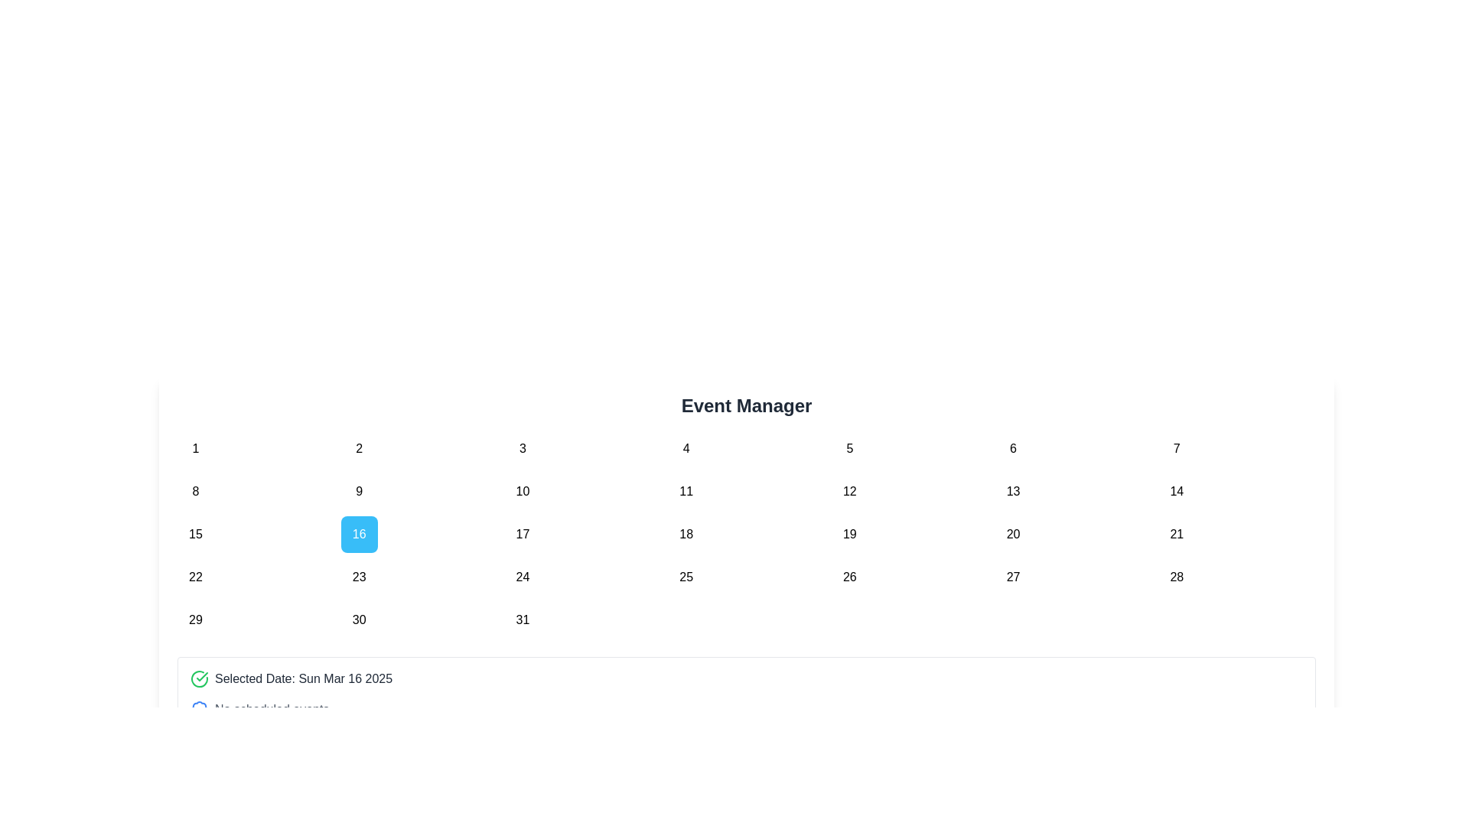 This screenshot has height=826, width=1469. I want to click on the square-shaped button displaying '9' in the center, so click(358, 492).